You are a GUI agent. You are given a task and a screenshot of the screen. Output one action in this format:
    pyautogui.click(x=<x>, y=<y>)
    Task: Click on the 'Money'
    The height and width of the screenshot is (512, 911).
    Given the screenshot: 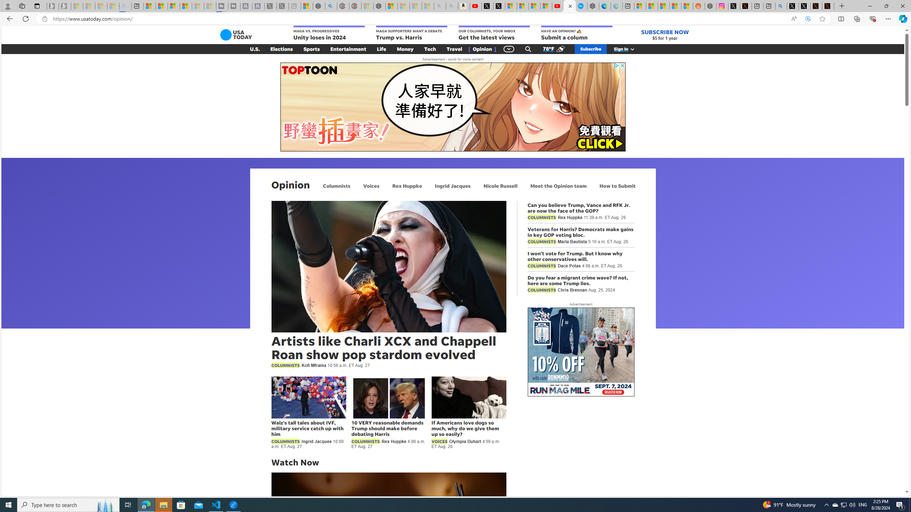 What is the action you would take?
    pyautogui.click(x=405, y=49)
    